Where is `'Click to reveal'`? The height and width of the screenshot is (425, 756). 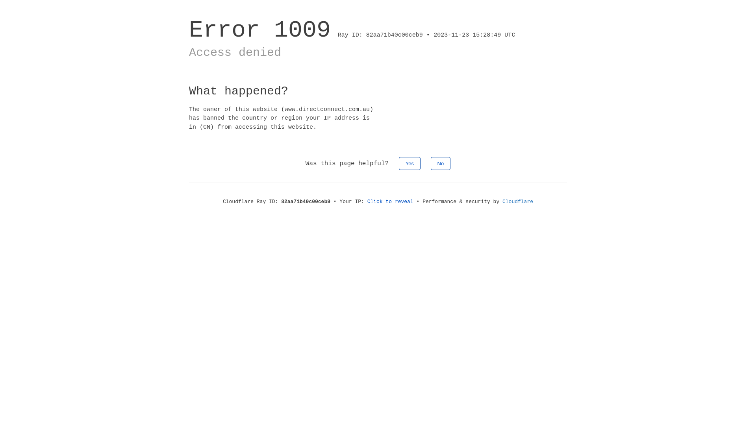
'Click to reveal' is located at coordinates (367, 201).